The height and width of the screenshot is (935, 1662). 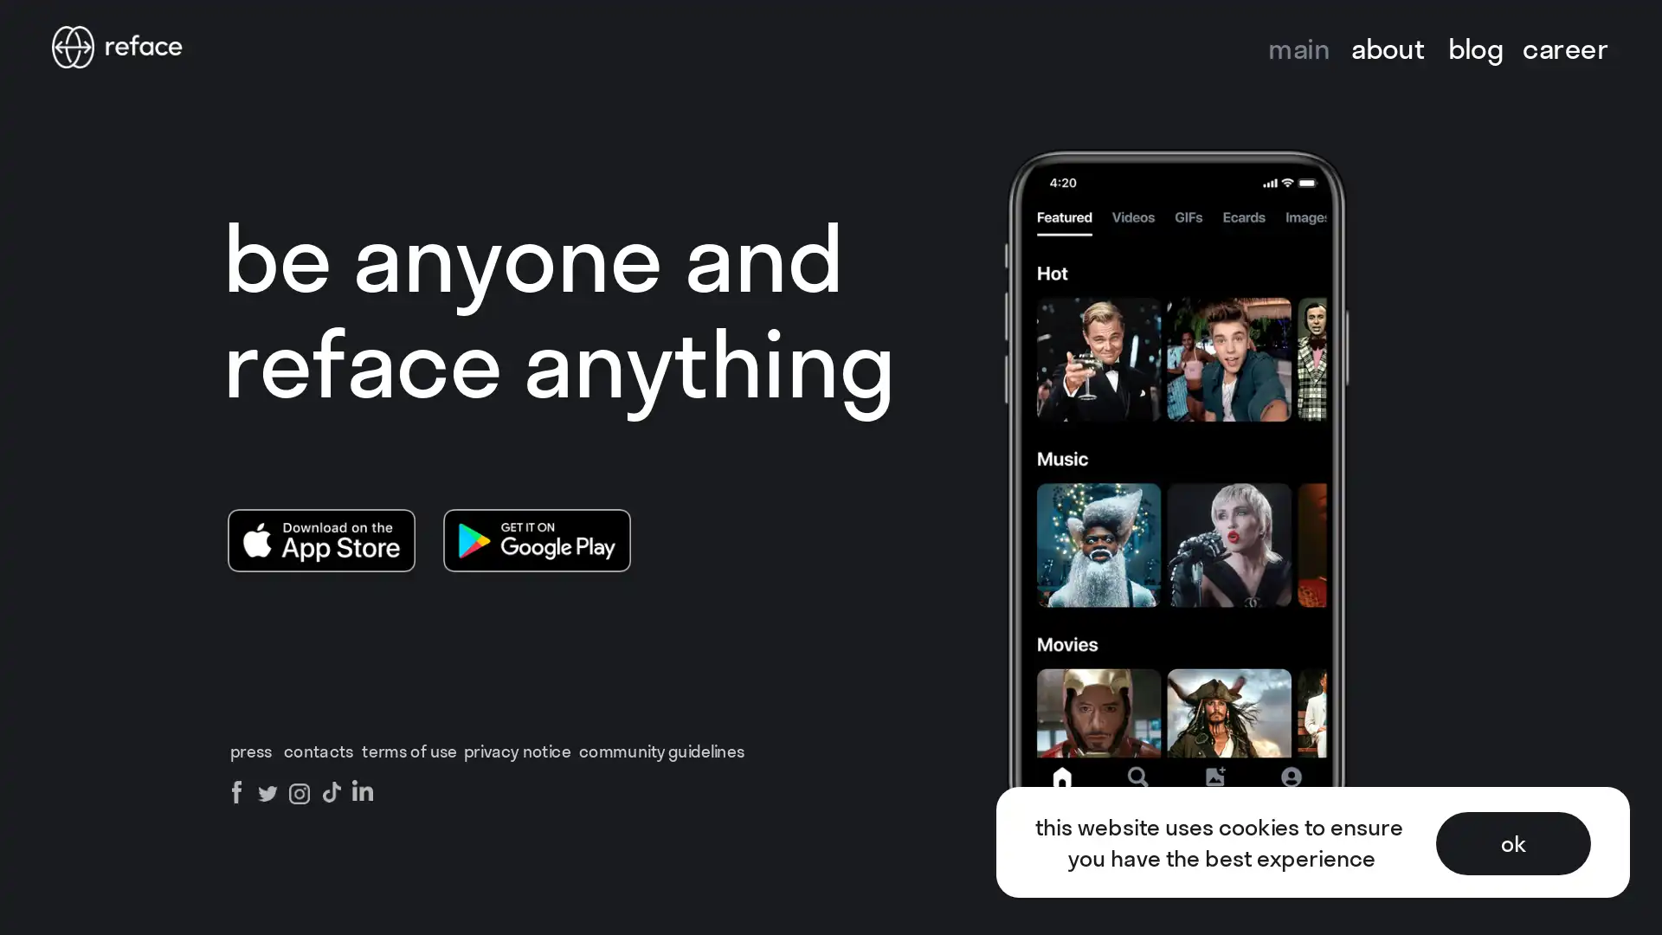 What do you see at coordinates (1629, 33) in the screenshot?
I see `Close` at bounding box center [1629, 33].